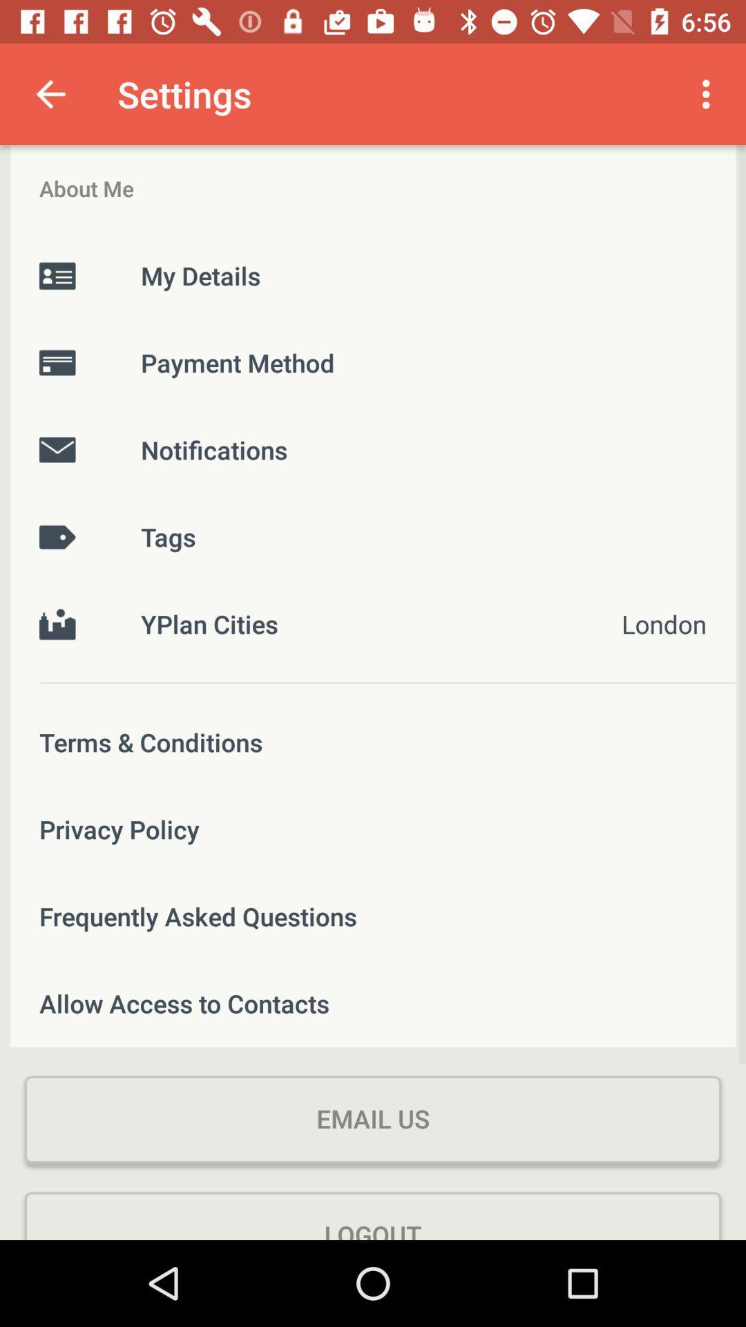  I want to click on the item above the notifications, so click(373, 362).